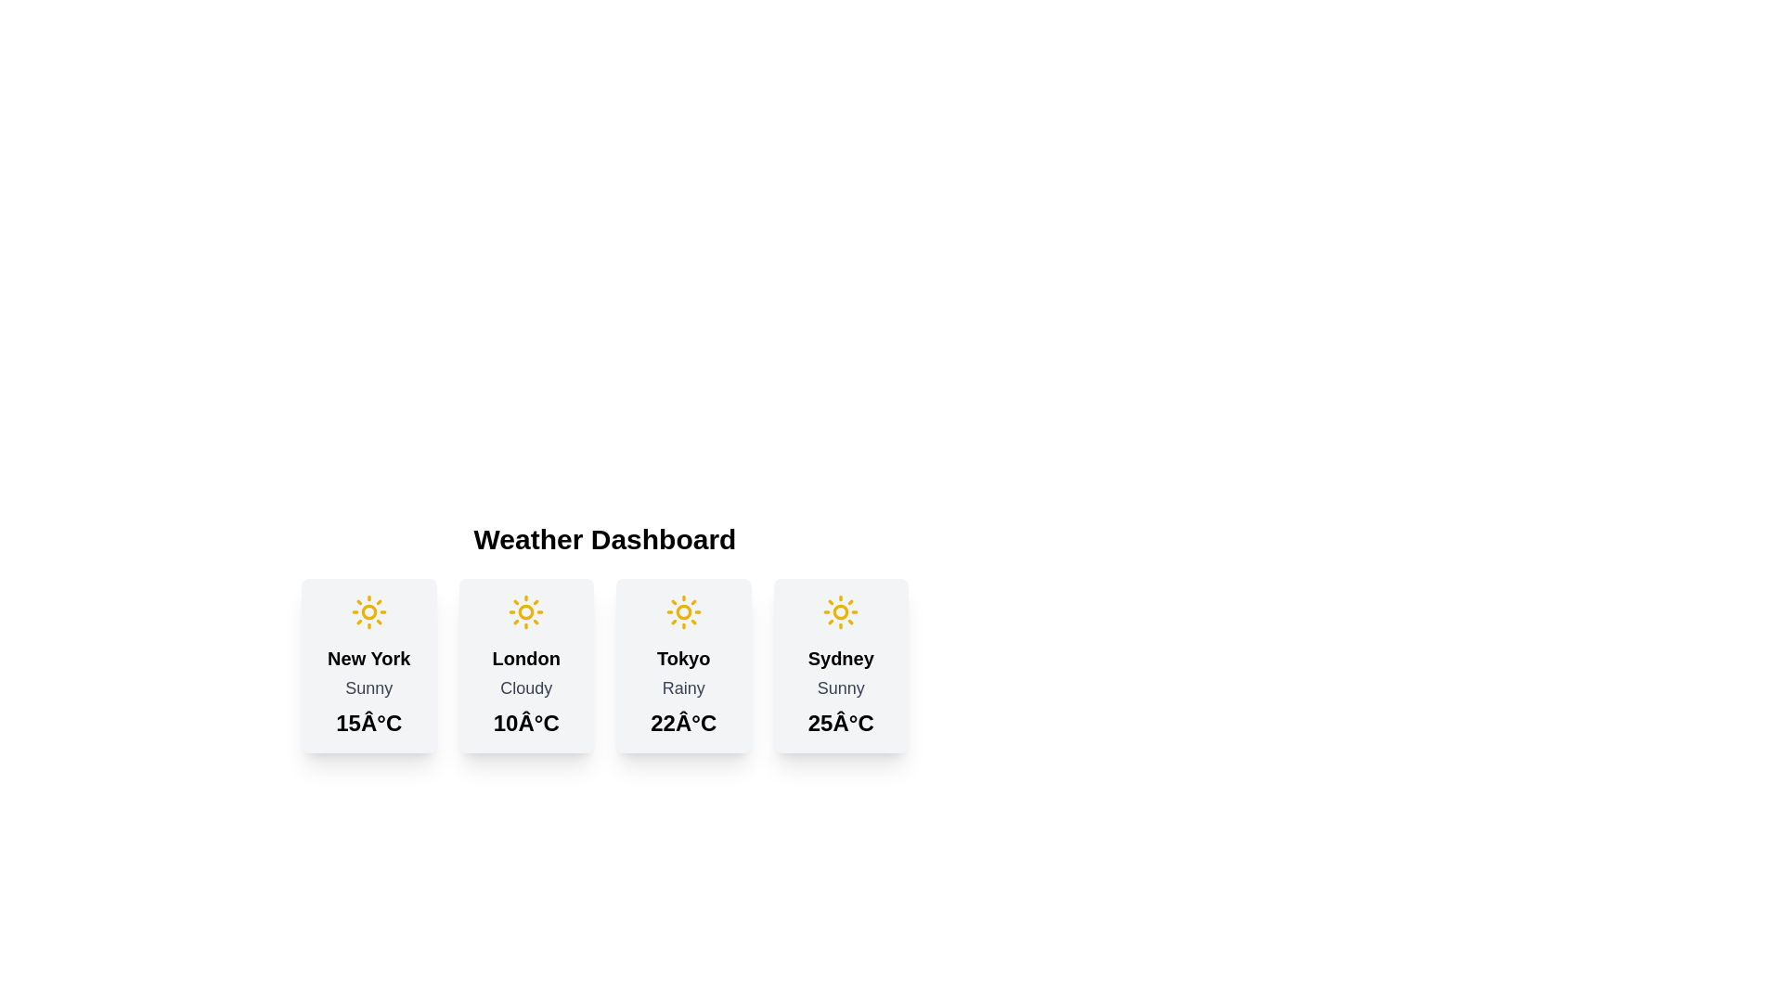 The height and width of the screenshot is (1002, 1782). What do you see at coordinates (525, 611) in the screenshot?
I see `the sunny weather icon representing 'London' in the Weather Dashboard interface` at bounding box center [525, 611].